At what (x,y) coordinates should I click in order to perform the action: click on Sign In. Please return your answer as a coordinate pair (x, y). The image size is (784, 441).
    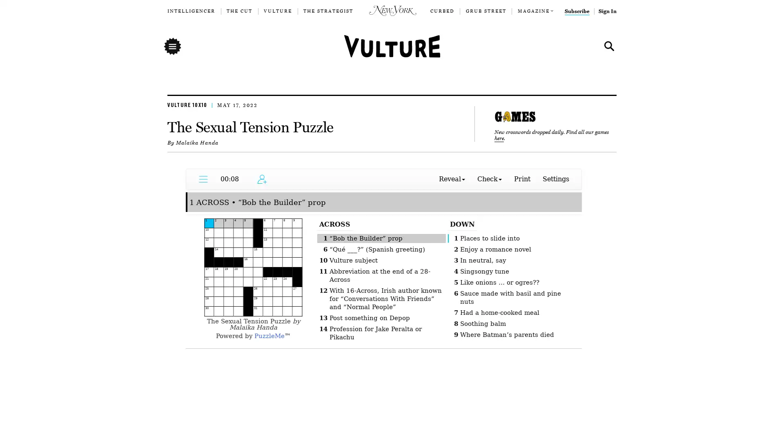
    Looking at the image, I should click on (608, 11).